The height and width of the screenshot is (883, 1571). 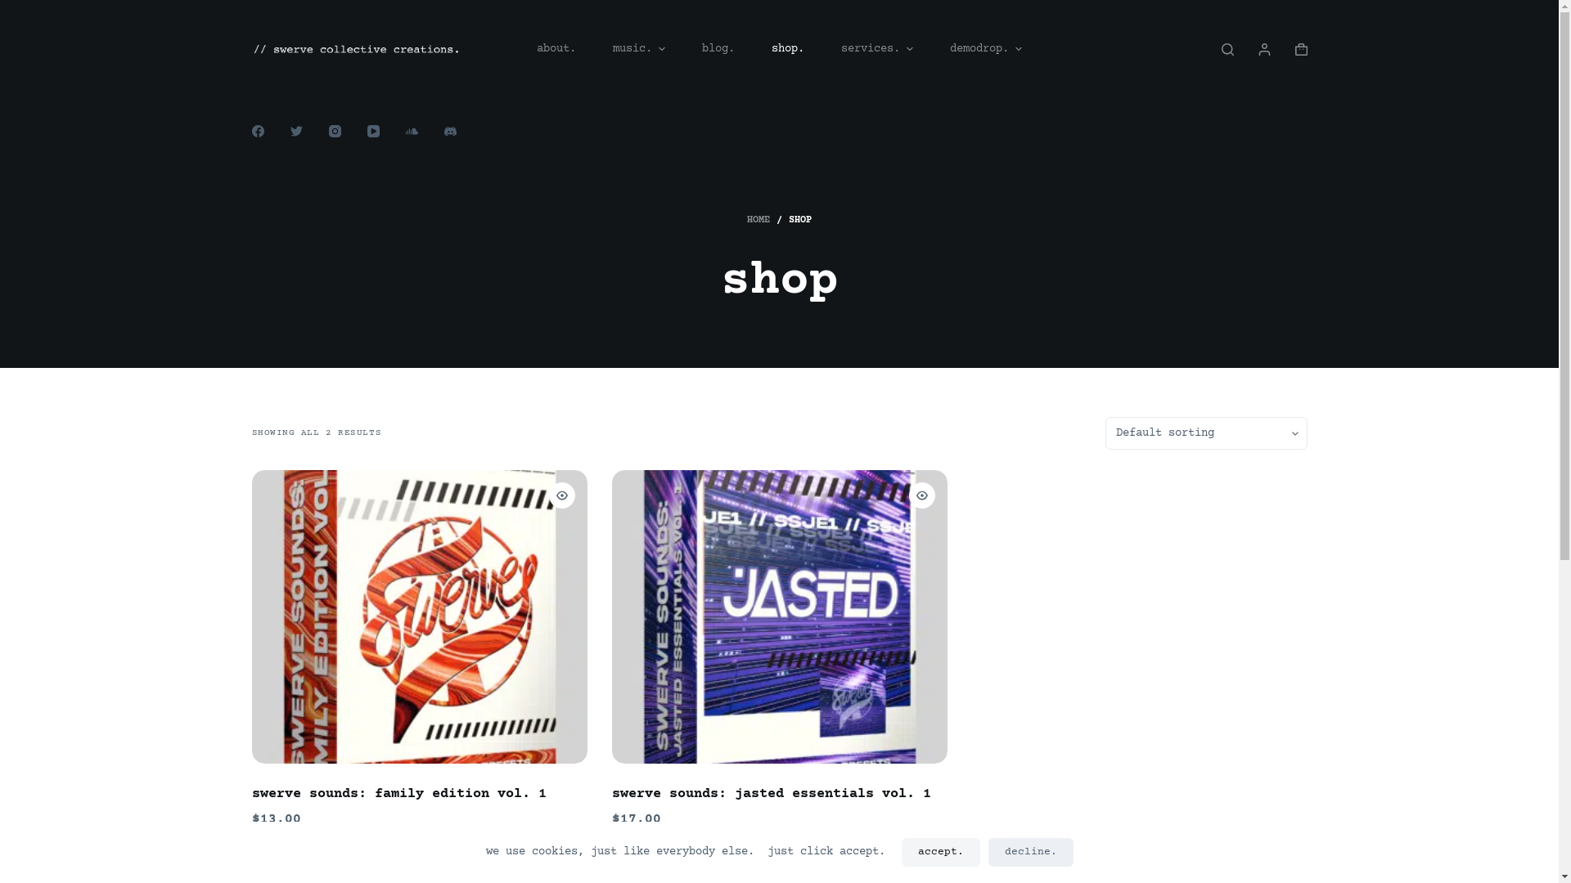 What do you see at coordinates (556, 48) in the screenshot?
I see `'about.'` at bounding box center [556, 48].